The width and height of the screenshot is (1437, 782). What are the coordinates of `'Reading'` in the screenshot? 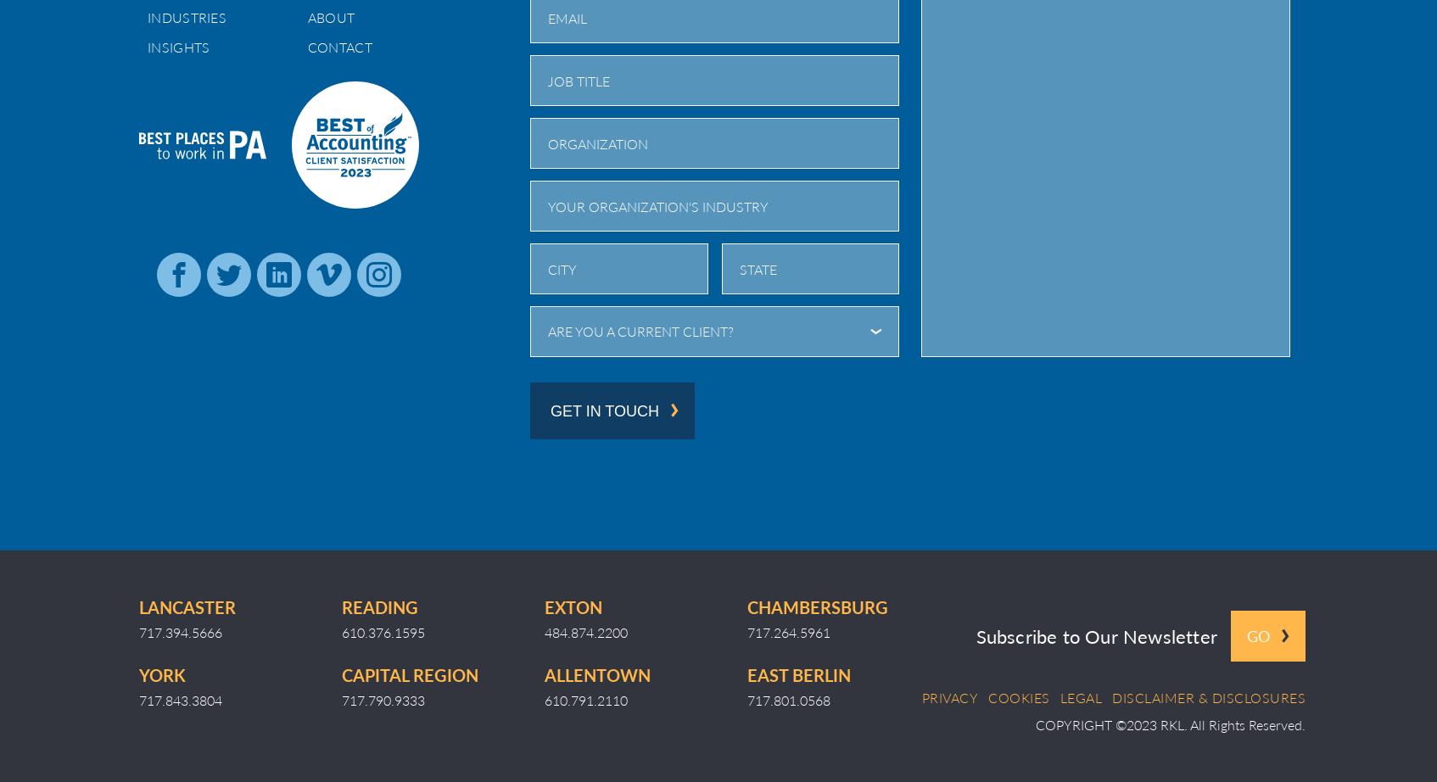 It's located at (380, 606).